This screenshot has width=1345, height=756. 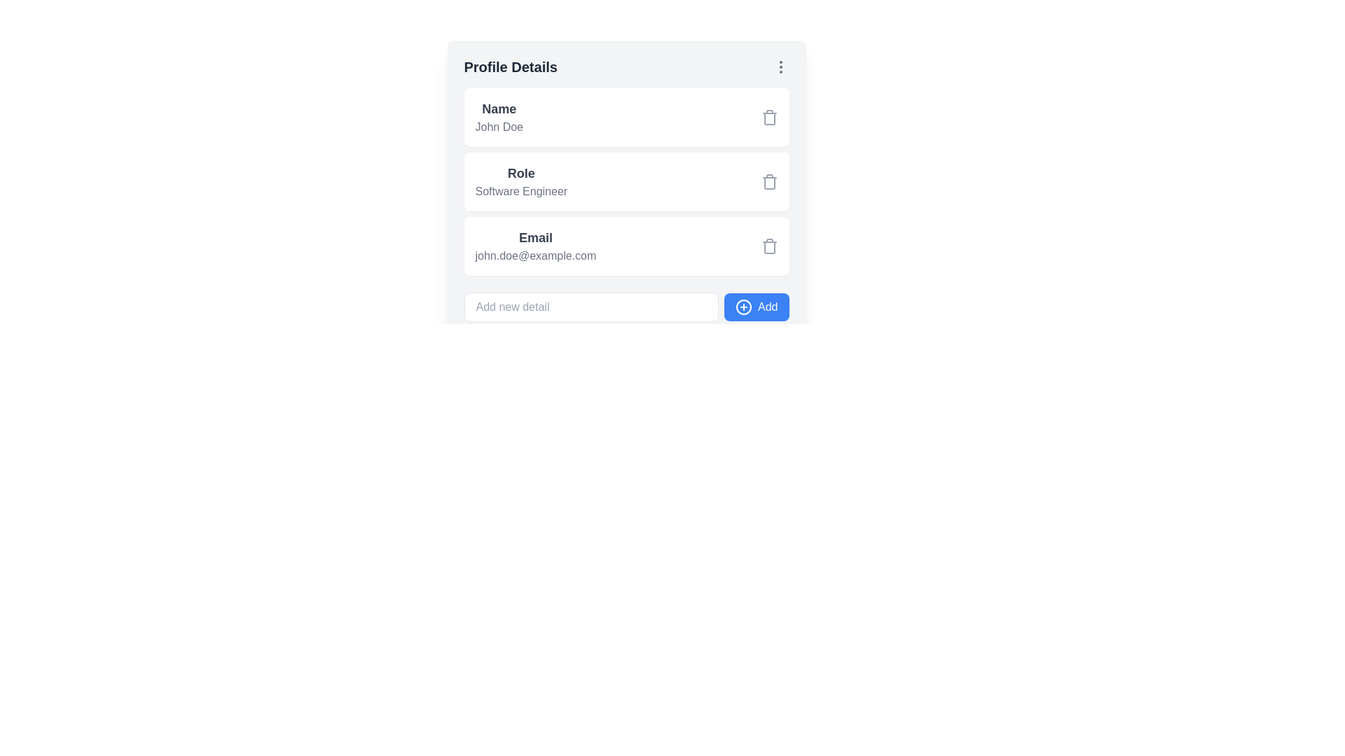 What do you see at coordinates (743, 307) in the screenshot?
I see `the circular icon located at the center of the SVG graphic` at bounding box center [743, 307].